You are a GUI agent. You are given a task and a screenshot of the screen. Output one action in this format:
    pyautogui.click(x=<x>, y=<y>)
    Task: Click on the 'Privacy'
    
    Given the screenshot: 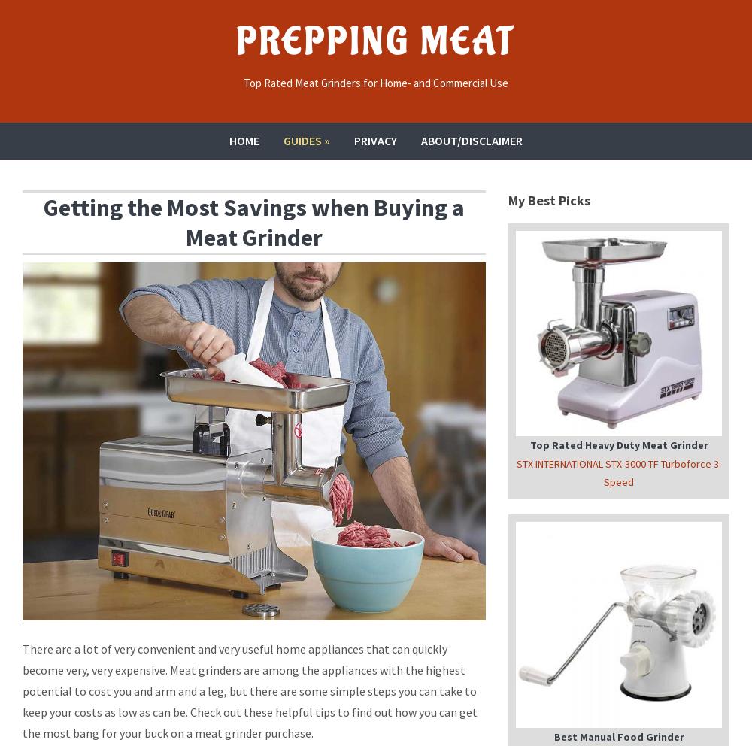 What is the action you would take?
    pyautogui.click(x=374, y=139)
    